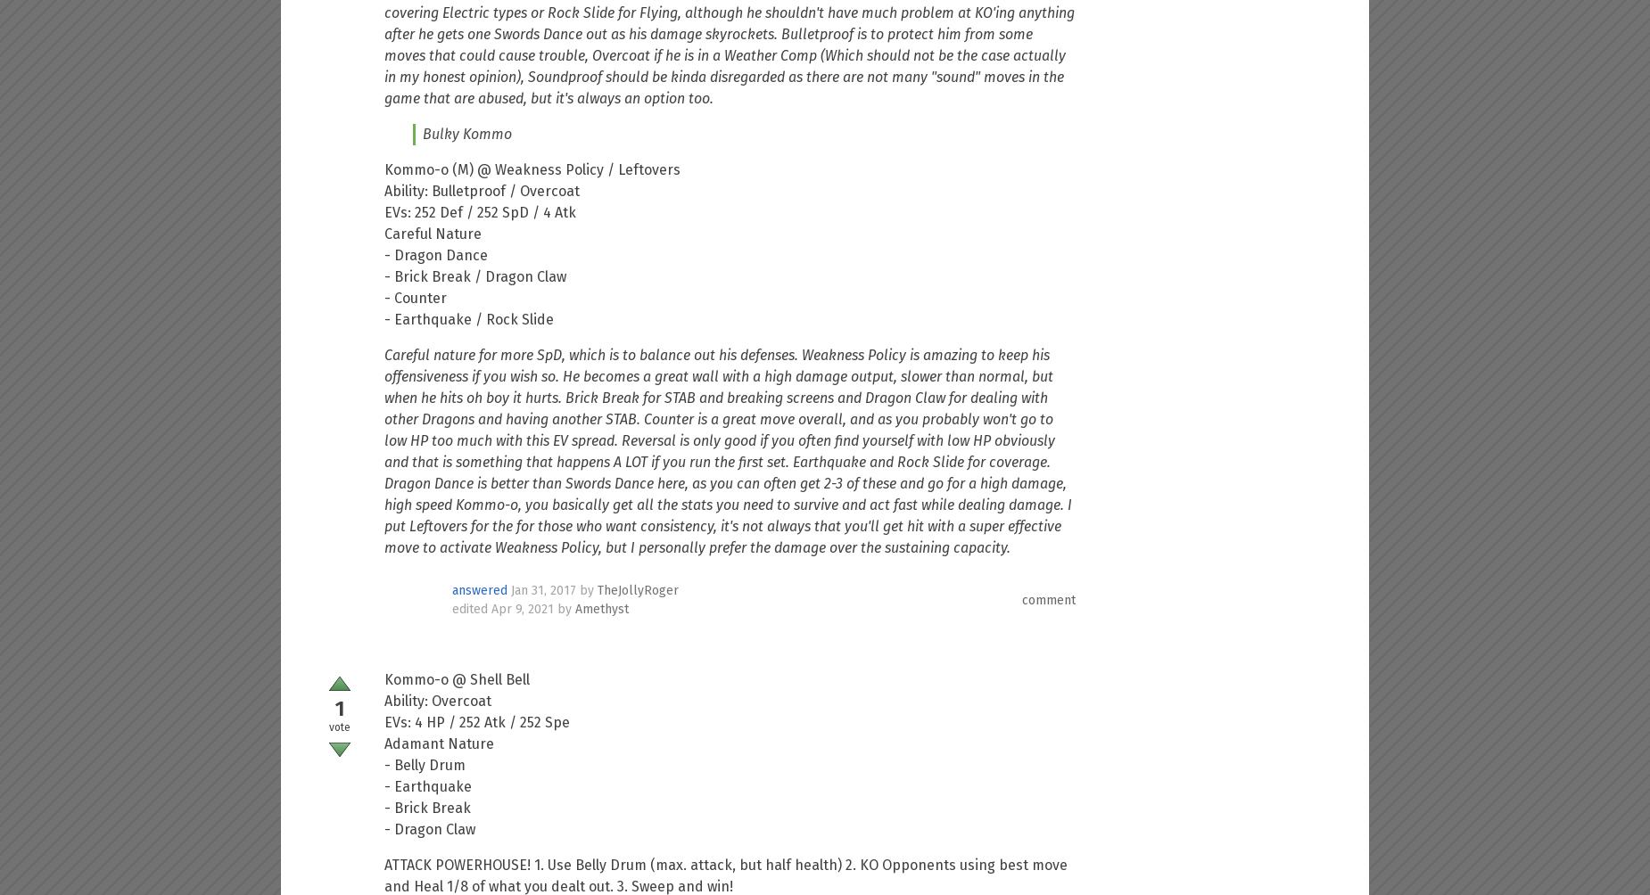 The width and height of the screenshot is (1650, 895). Describe the element at coordinates (428, 785) in the screenshot. I see `'- Earthquake'` at that location.